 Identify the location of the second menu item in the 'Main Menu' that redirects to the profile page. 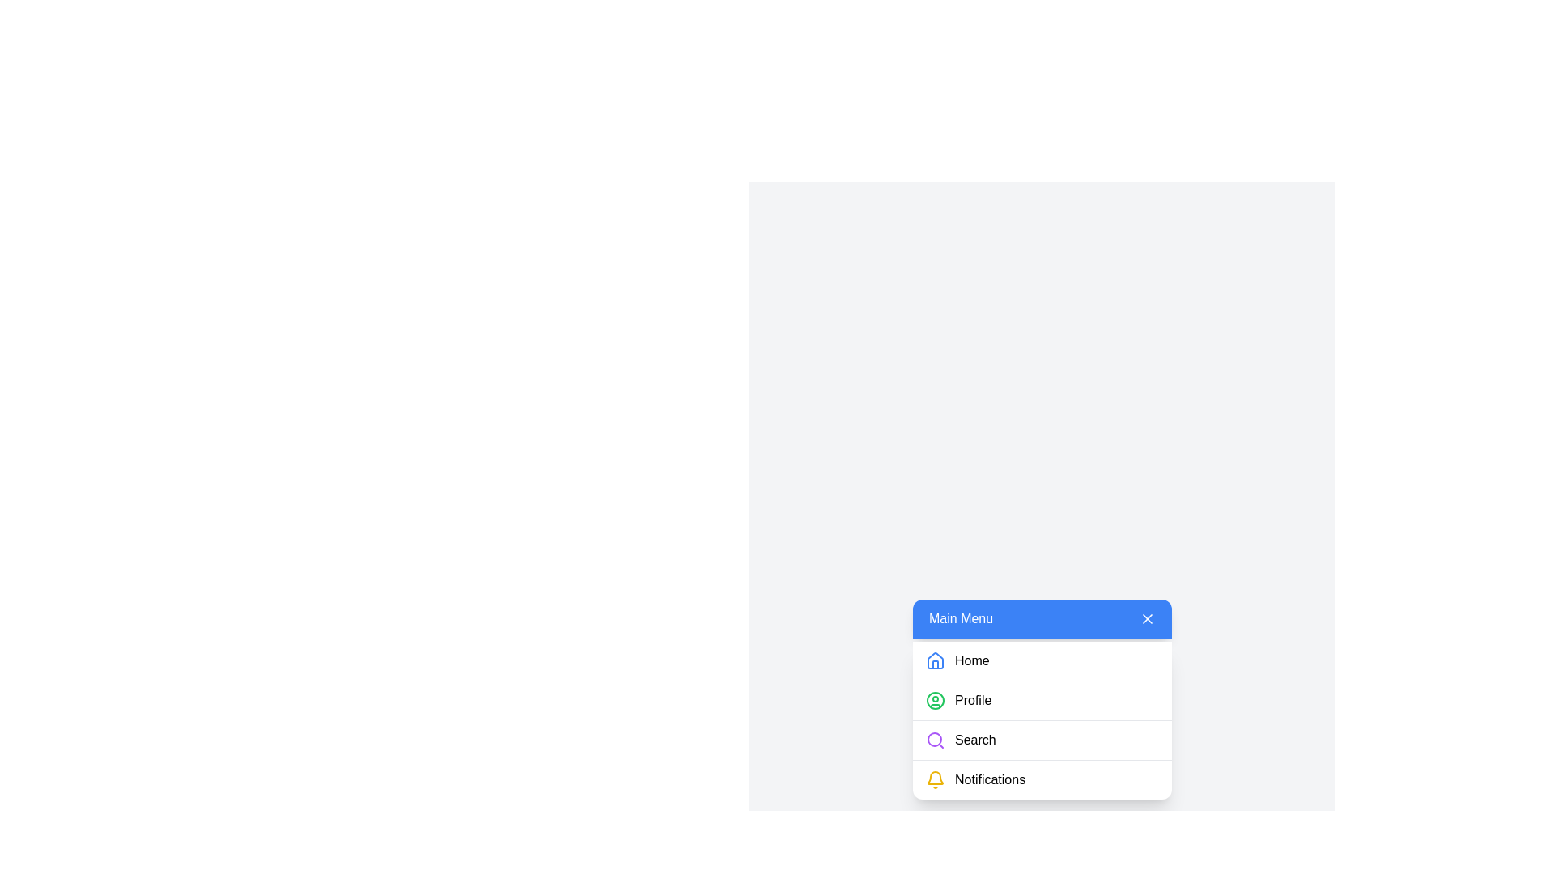
(1042, 698).